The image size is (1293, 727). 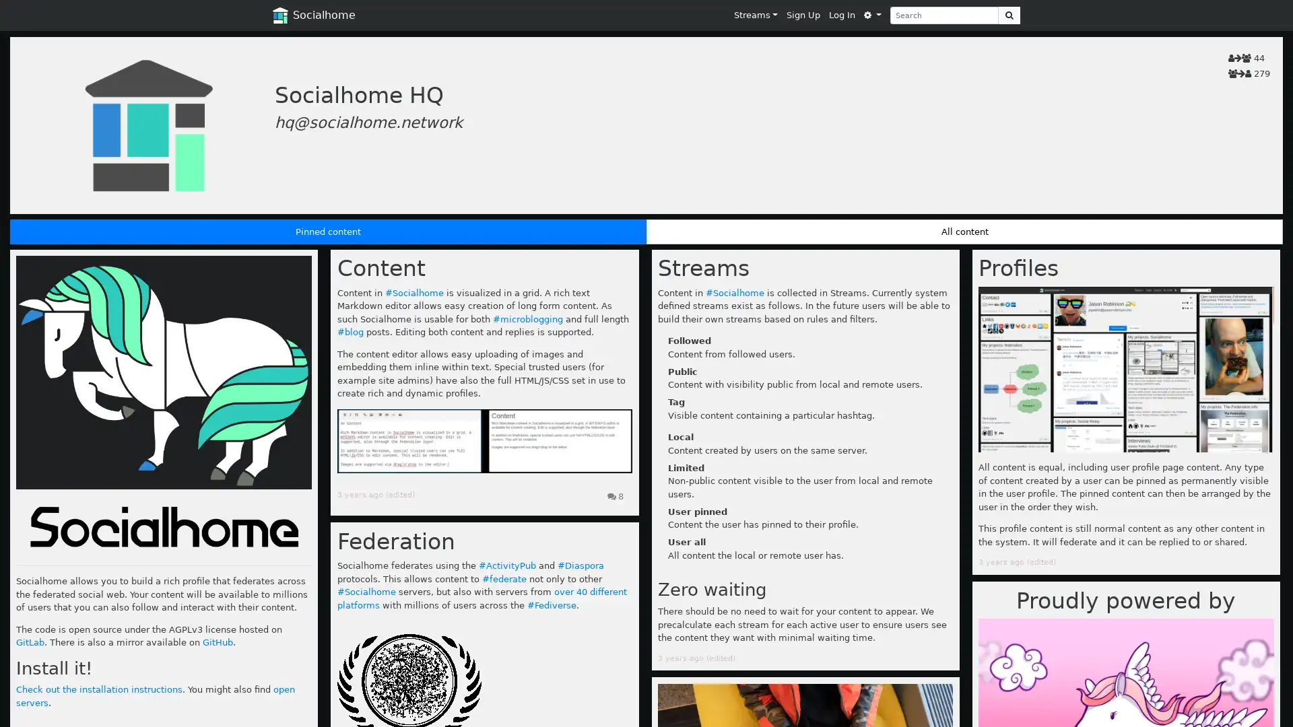 I want to click on Streams, so click(x=756, y=15).